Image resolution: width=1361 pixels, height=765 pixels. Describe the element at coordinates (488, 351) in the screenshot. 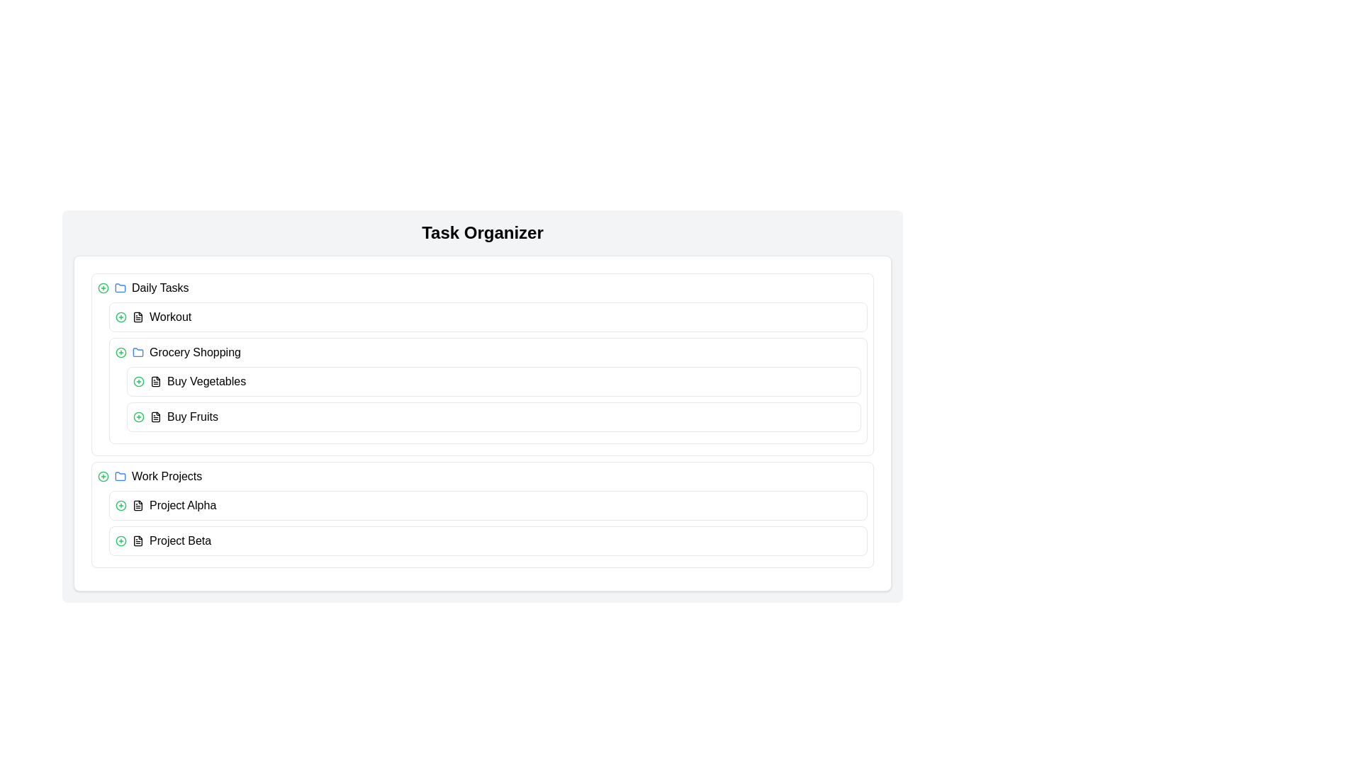

I see `the 'Grocery Shopping' task item` at that location.